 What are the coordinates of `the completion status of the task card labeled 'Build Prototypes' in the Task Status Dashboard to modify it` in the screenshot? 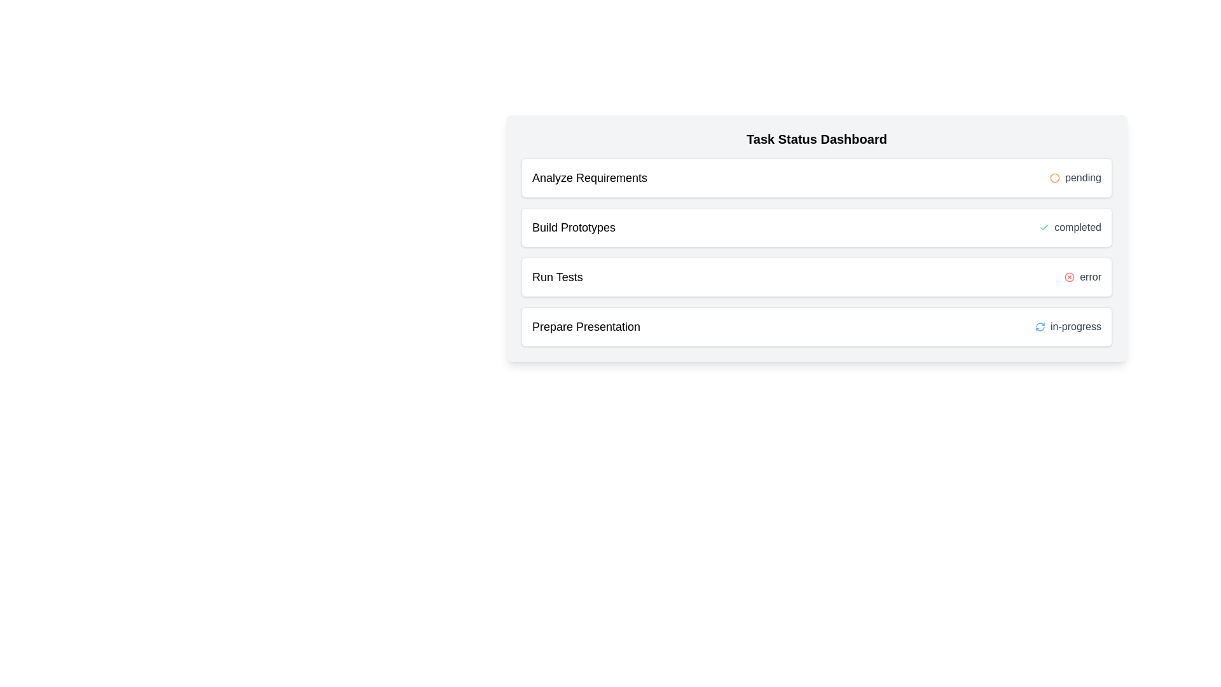 It's located at (817, 227).